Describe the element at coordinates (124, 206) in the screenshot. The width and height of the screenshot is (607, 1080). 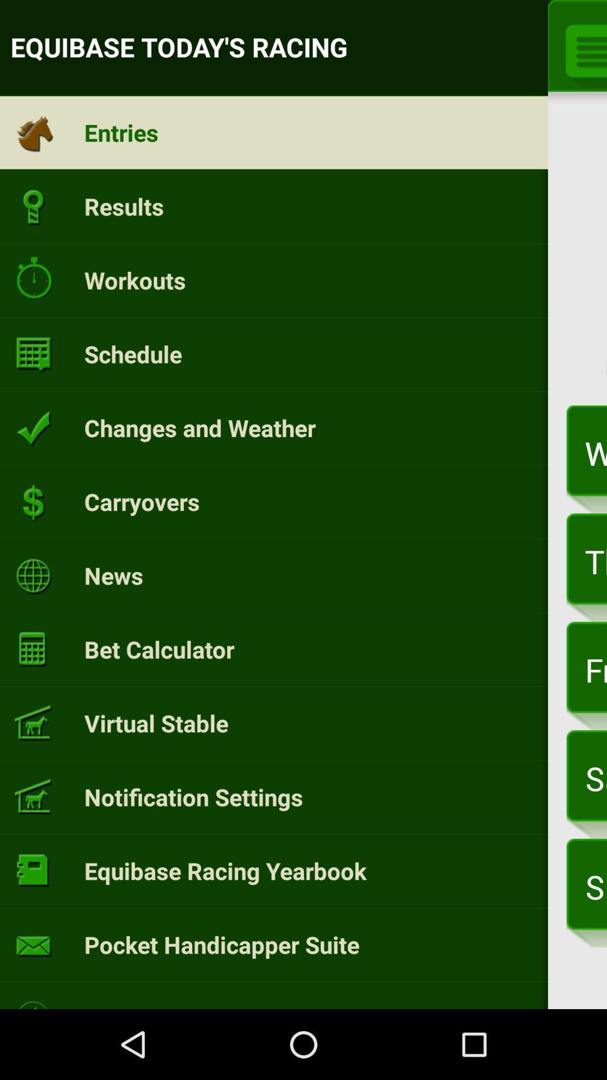
I see `results app` at that location.